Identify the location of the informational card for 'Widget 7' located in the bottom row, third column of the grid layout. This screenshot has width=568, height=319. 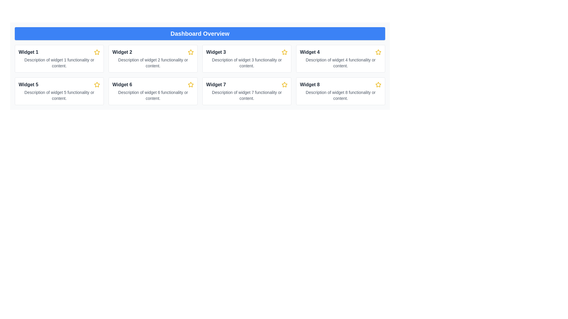
(247, 91).